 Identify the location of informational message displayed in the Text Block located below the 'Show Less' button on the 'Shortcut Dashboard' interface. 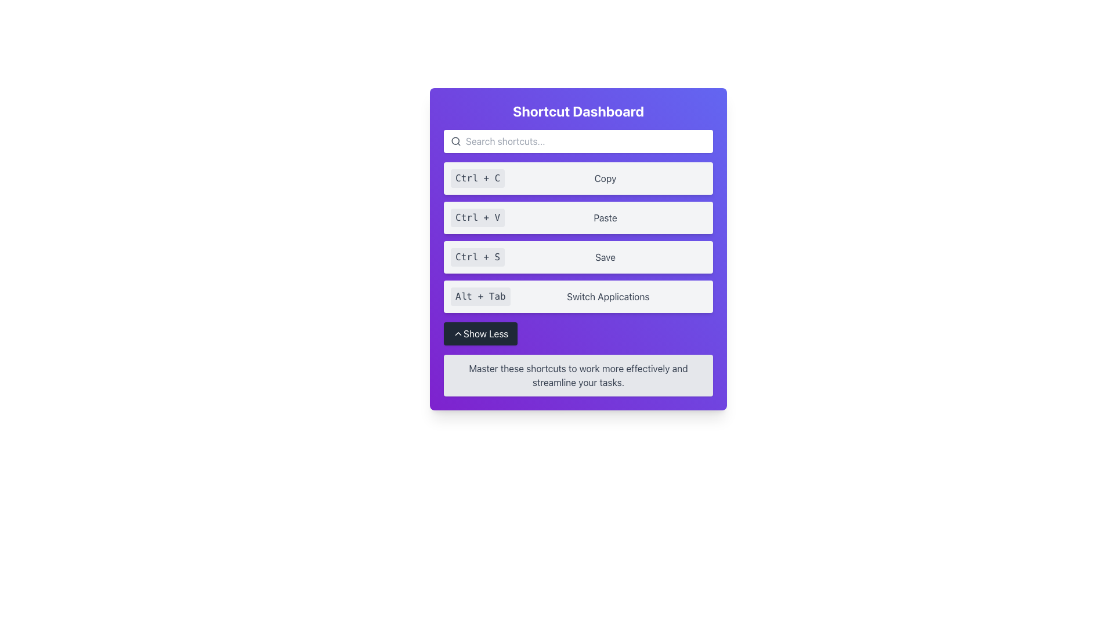
(578, 376).